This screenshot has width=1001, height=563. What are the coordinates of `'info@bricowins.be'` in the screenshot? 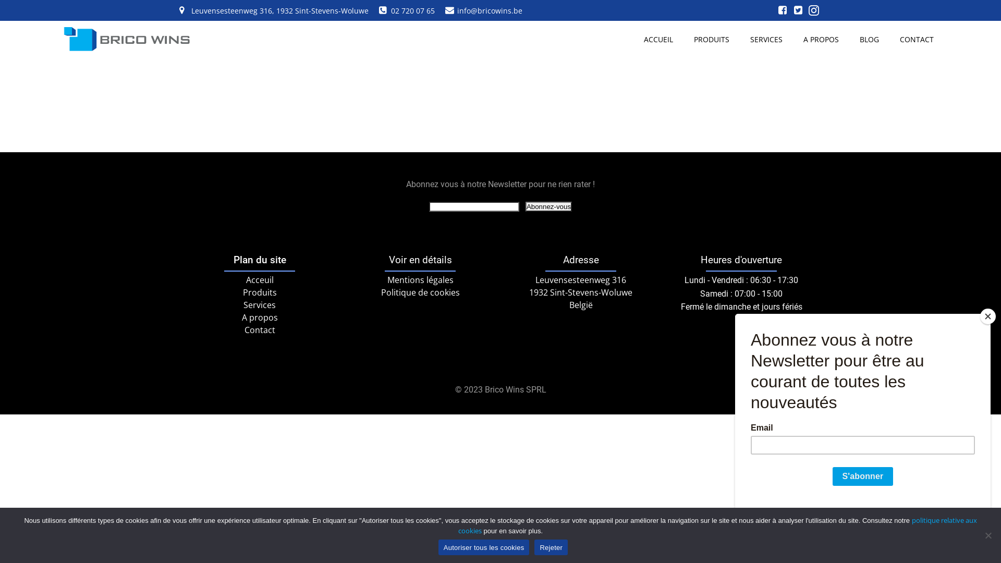 It's located at (483, 10).